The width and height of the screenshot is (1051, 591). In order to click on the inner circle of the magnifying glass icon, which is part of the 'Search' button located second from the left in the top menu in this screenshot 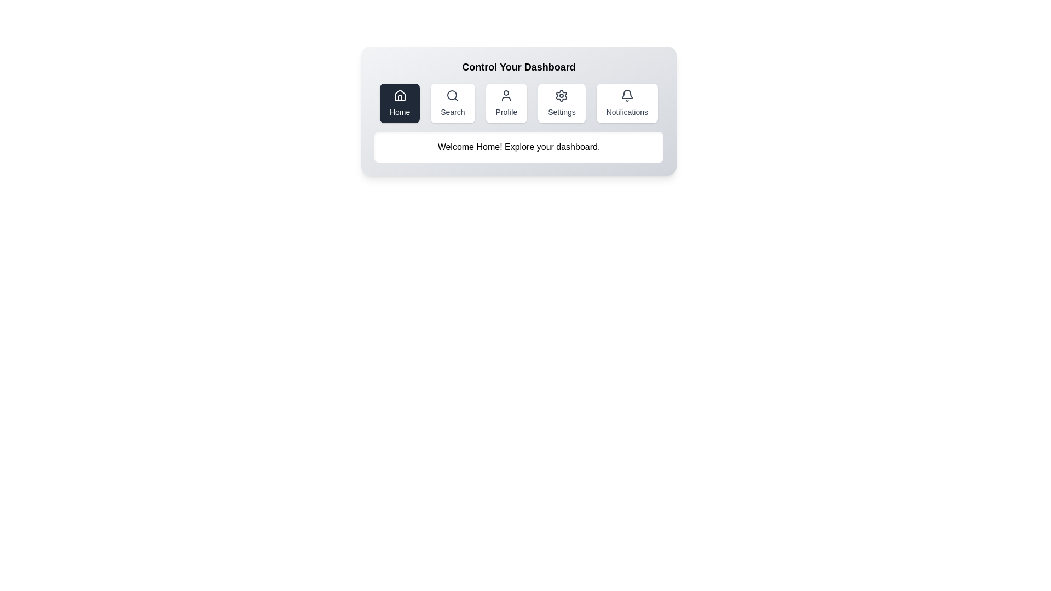, I will do `click(452, 94)`.